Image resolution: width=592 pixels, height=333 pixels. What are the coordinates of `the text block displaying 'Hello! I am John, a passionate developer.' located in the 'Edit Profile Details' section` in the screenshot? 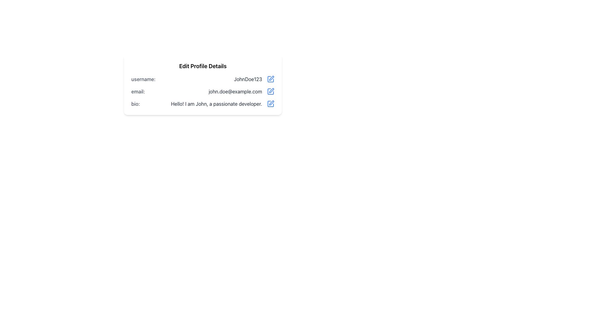 It's located at (222, 103).